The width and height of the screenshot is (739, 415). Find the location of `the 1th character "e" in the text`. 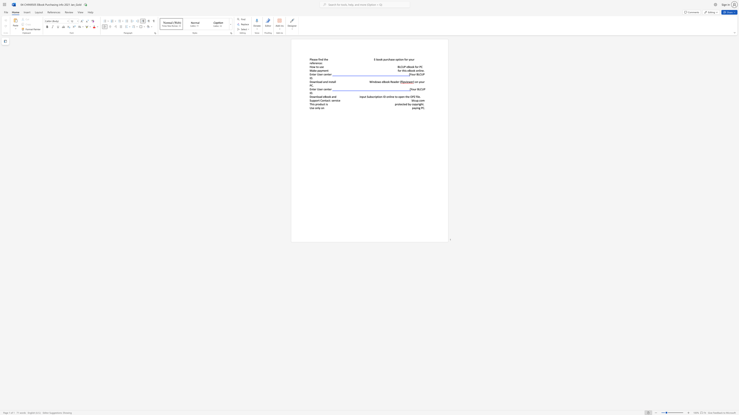

the 1th character "e" in the text is located at coordinates (311, 63).